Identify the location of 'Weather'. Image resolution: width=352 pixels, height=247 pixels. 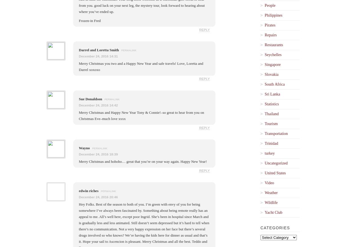
(271, 192).